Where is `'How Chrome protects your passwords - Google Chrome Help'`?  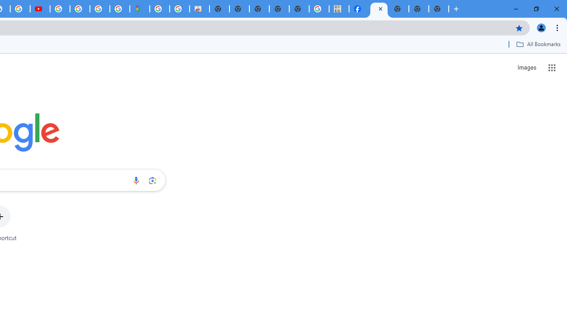 'How Chrome protects your passwords - Google Chrome Help' is located at coordinates (59, 9).